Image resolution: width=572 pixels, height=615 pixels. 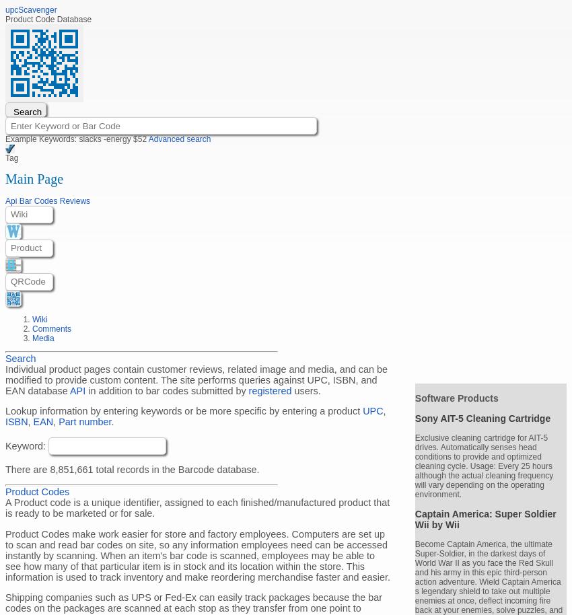 I want to click on 'Reviews', so click(x=74, y=200).